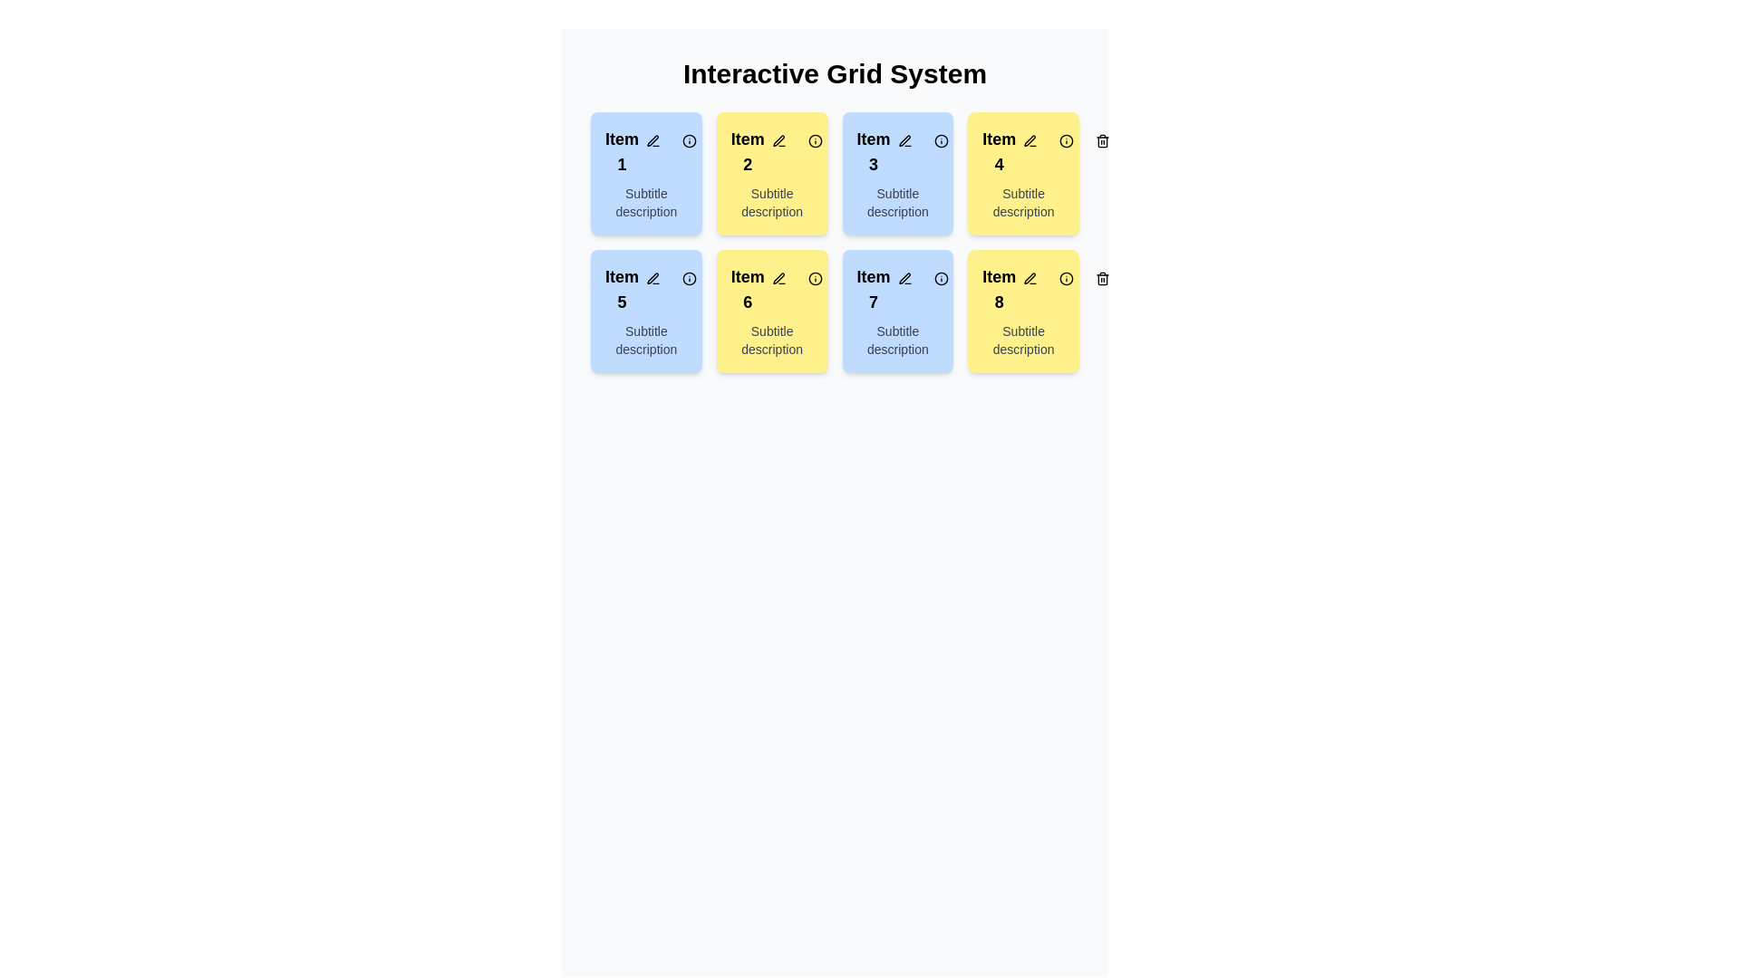 The width and height of the screenshot is (1740, 978). Describe the element at coordinates (778, 279) in the screenshot. I see `the first interactive button on the right side of the sixth item in the grid layout, which has a pen icon for editing` at that location.